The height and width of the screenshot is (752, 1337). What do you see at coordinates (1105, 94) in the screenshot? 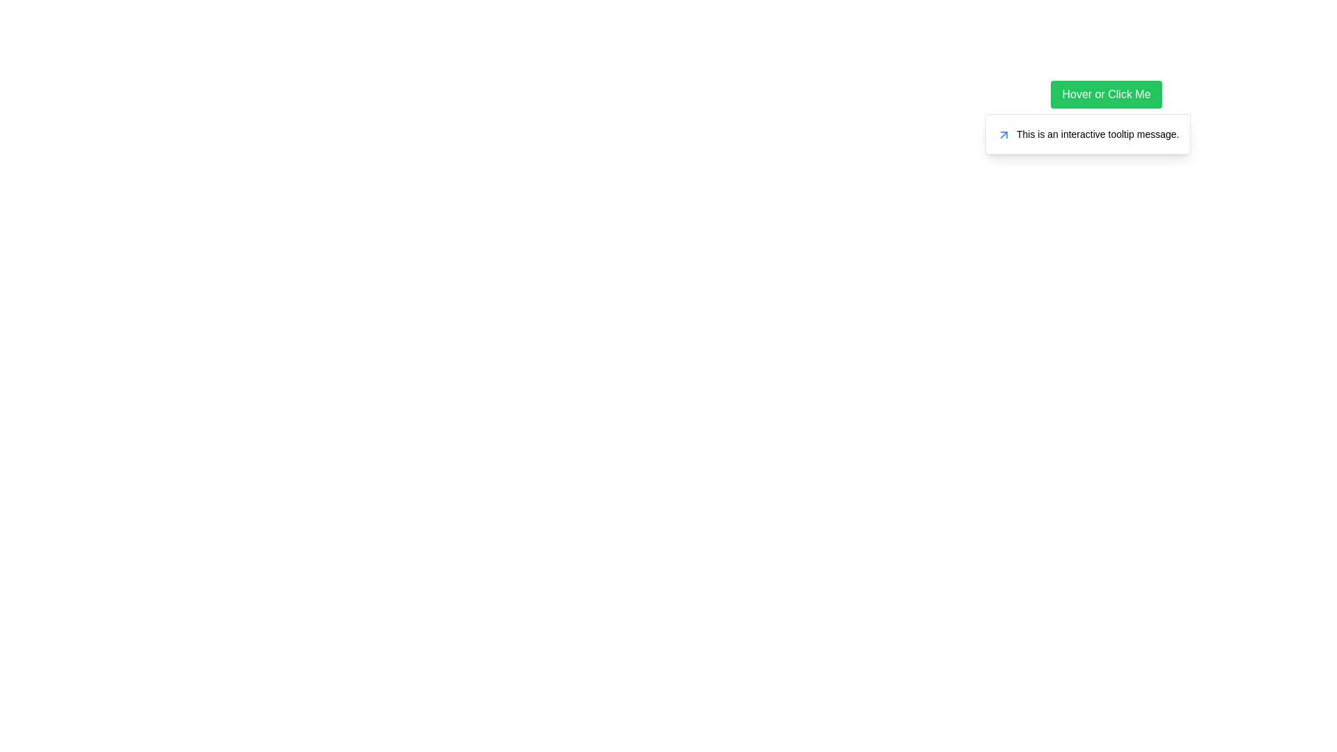
I see `the interactive button located near the top-right section of the page, which may trigger additional functionality or display further information` at bounding box center [1105, 94].